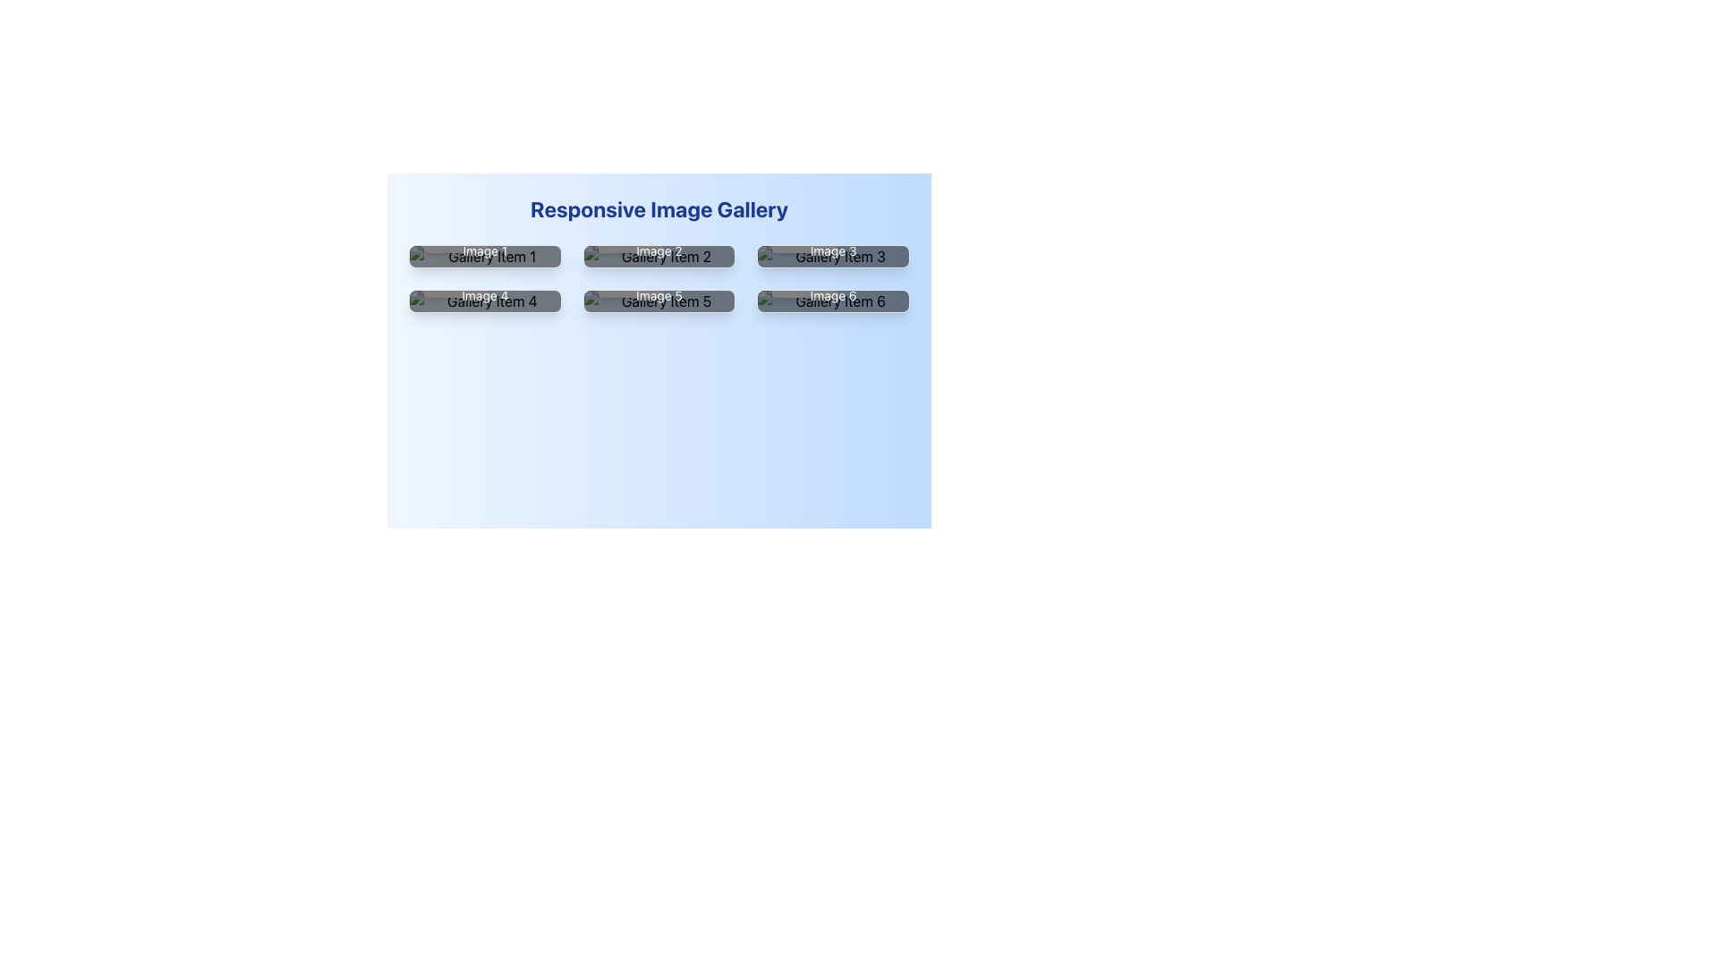 The height and width of the screenshot is (966, 1718). What do you see at coordinates (485, 241) in the screenshot?
I see `the descriptive label overlaying the first image in the gallery grid layout for context` at bounding box center [485, 241].